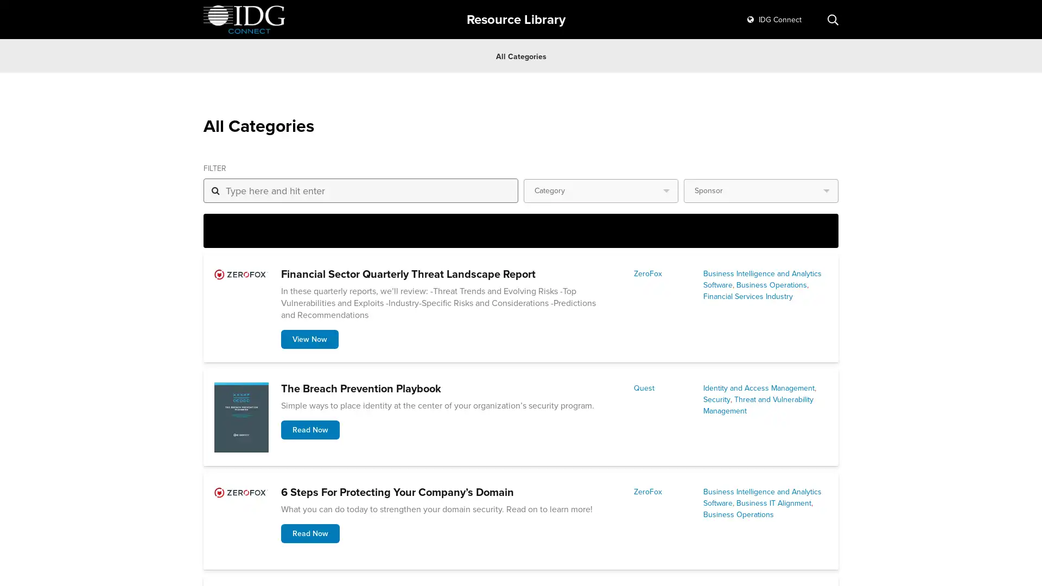 The width and height of the screenshot is (1042, 586). Describe the element at coordinates (760, 190) in the screenshot. I see `Sponsor` at that location.